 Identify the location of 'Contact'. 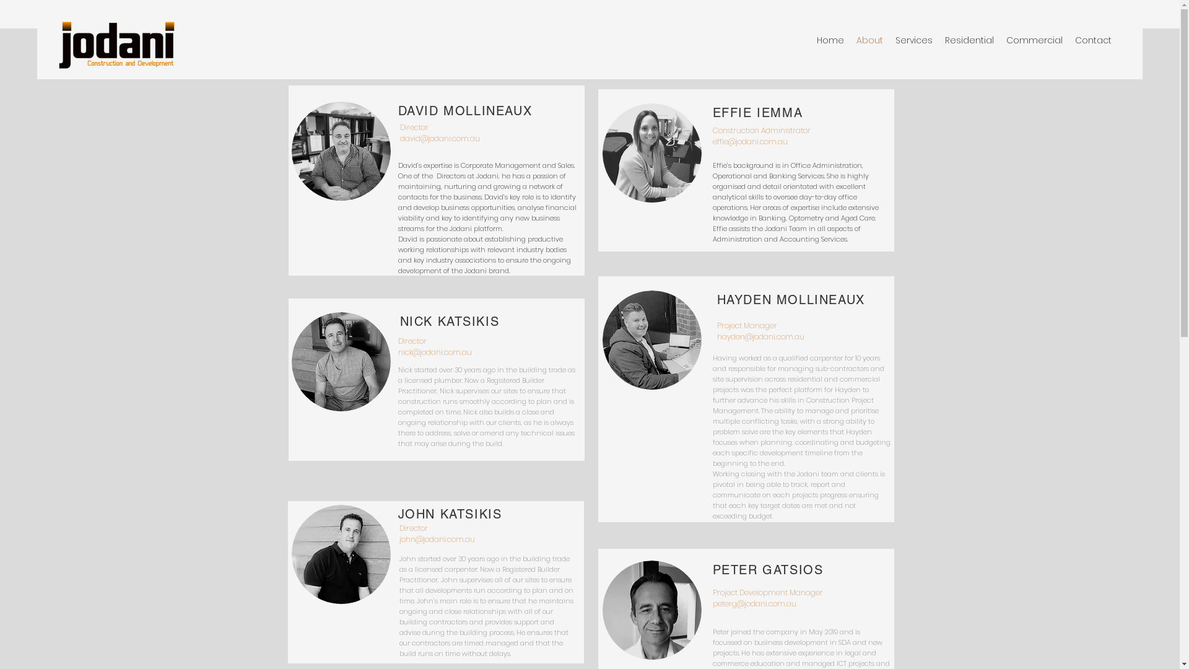
(1068, 40).